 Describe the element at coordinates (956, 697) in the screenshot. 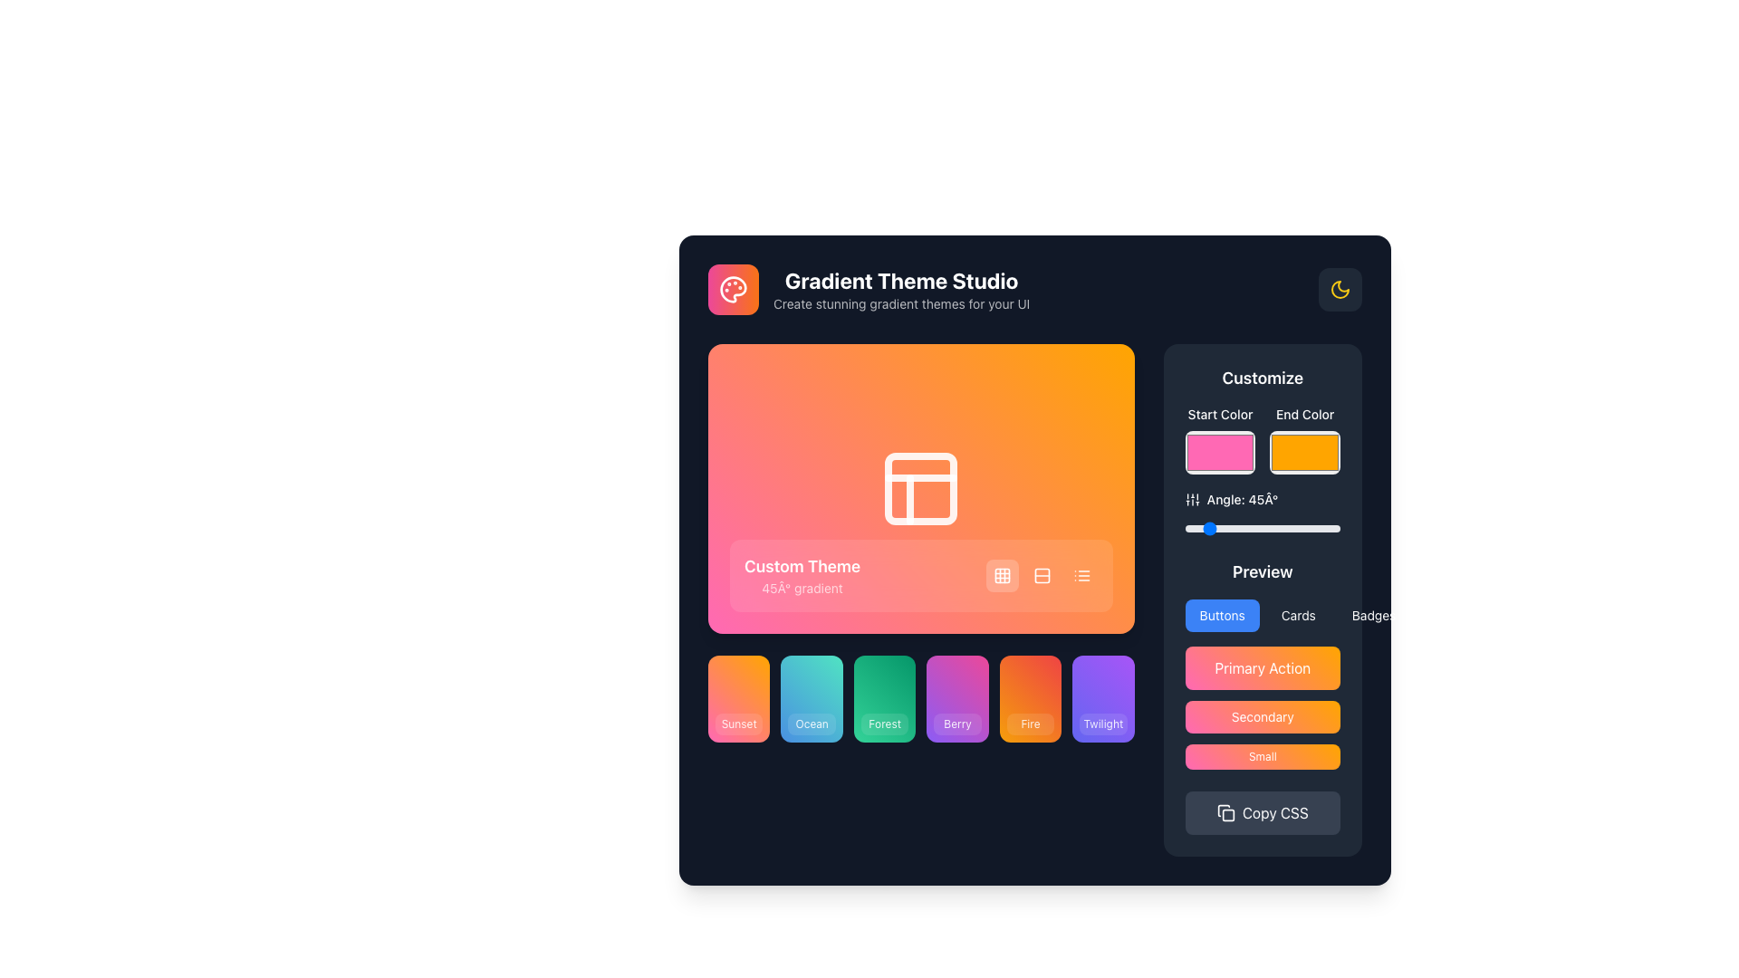

I see `the 'Berry' button using keyboard navigation` at that location.